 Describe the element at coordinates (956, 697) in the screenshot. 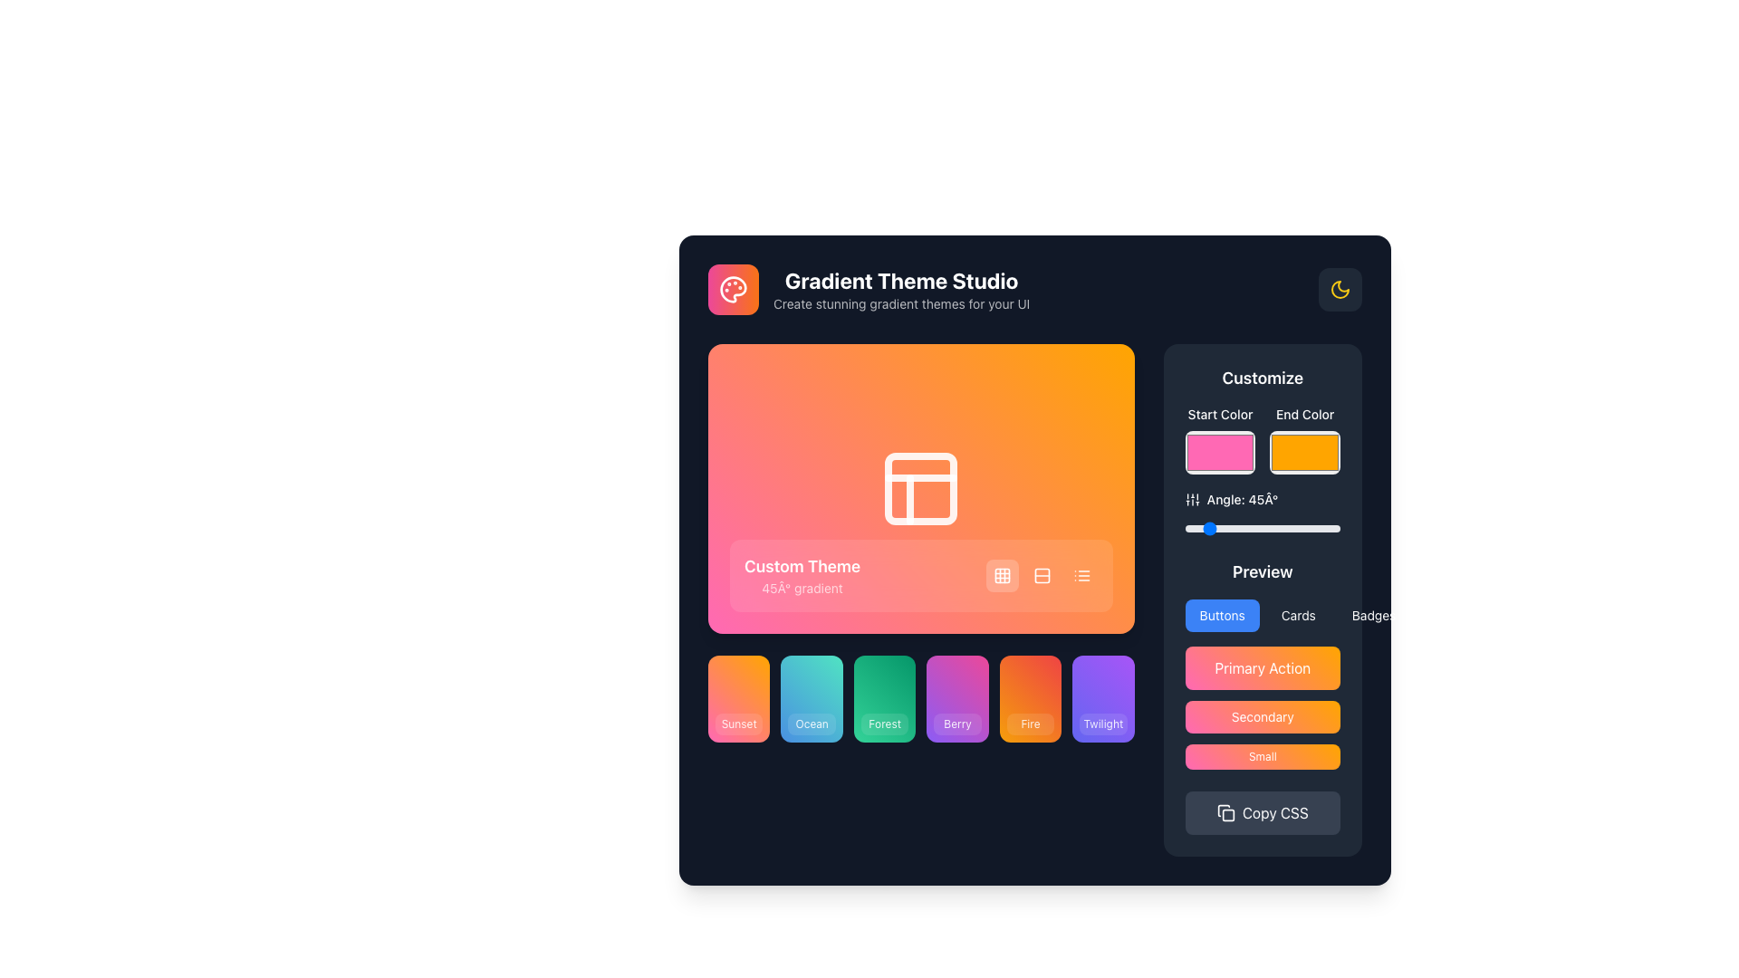

I see `the 'Berry' button using keyboard navigation` at that location.